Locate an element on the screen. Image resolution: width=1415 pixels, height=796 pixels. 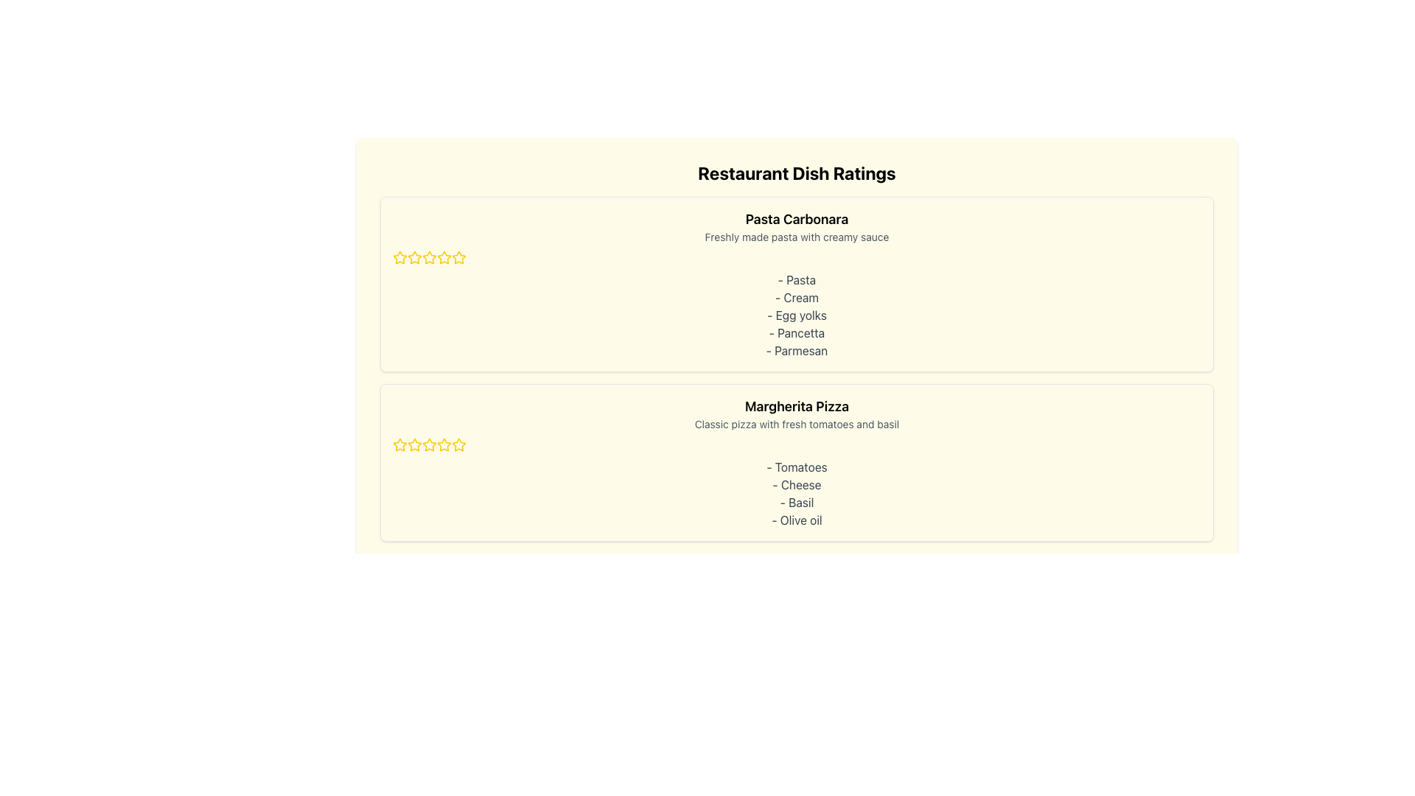
the text label representing the ingredient associated with 'Margherita Pizza', which is located directly below 'Tomatoes' and above 'Basil' is located at coordinates (796, 485).